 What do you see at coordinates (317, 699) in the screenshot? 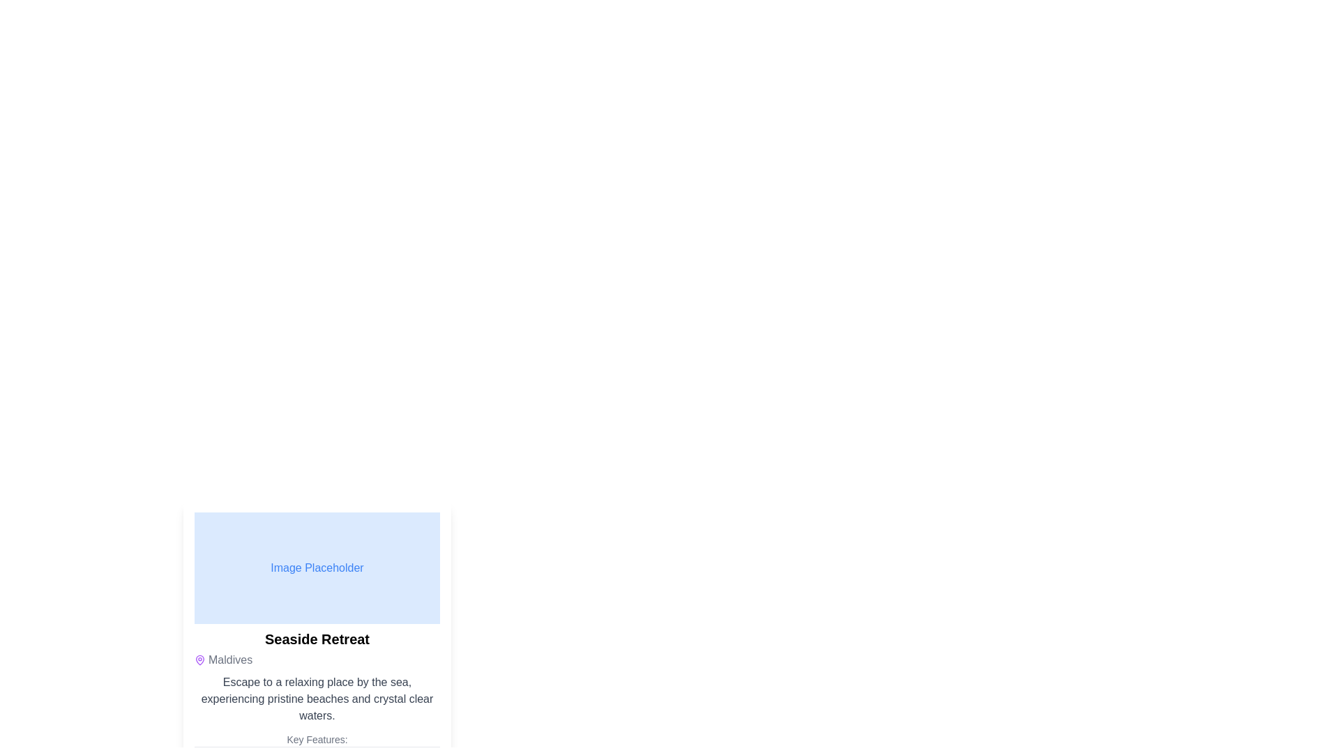
I see `description text located below the title 'Seaside Retreat Maldives' and above the segment titled 'Key Features'` at bounding box center [317, 699].